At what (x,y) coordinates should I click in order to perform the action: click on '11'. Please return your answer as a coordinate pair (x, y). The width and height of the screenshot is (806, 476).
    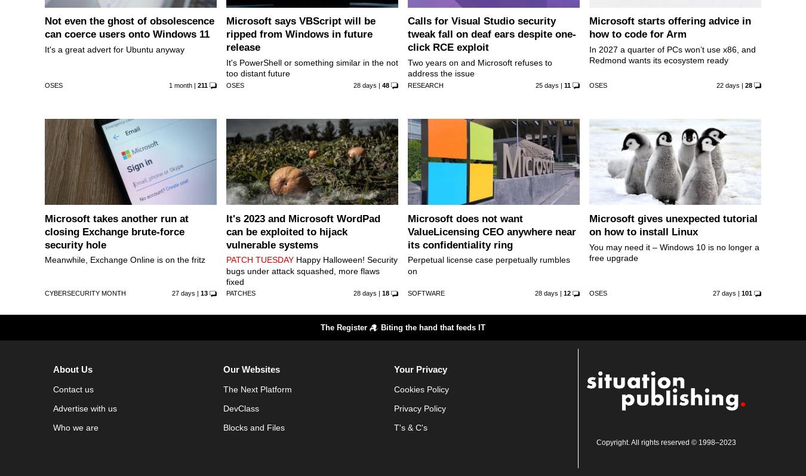
    Looking at the image, I should click on (566, 84).